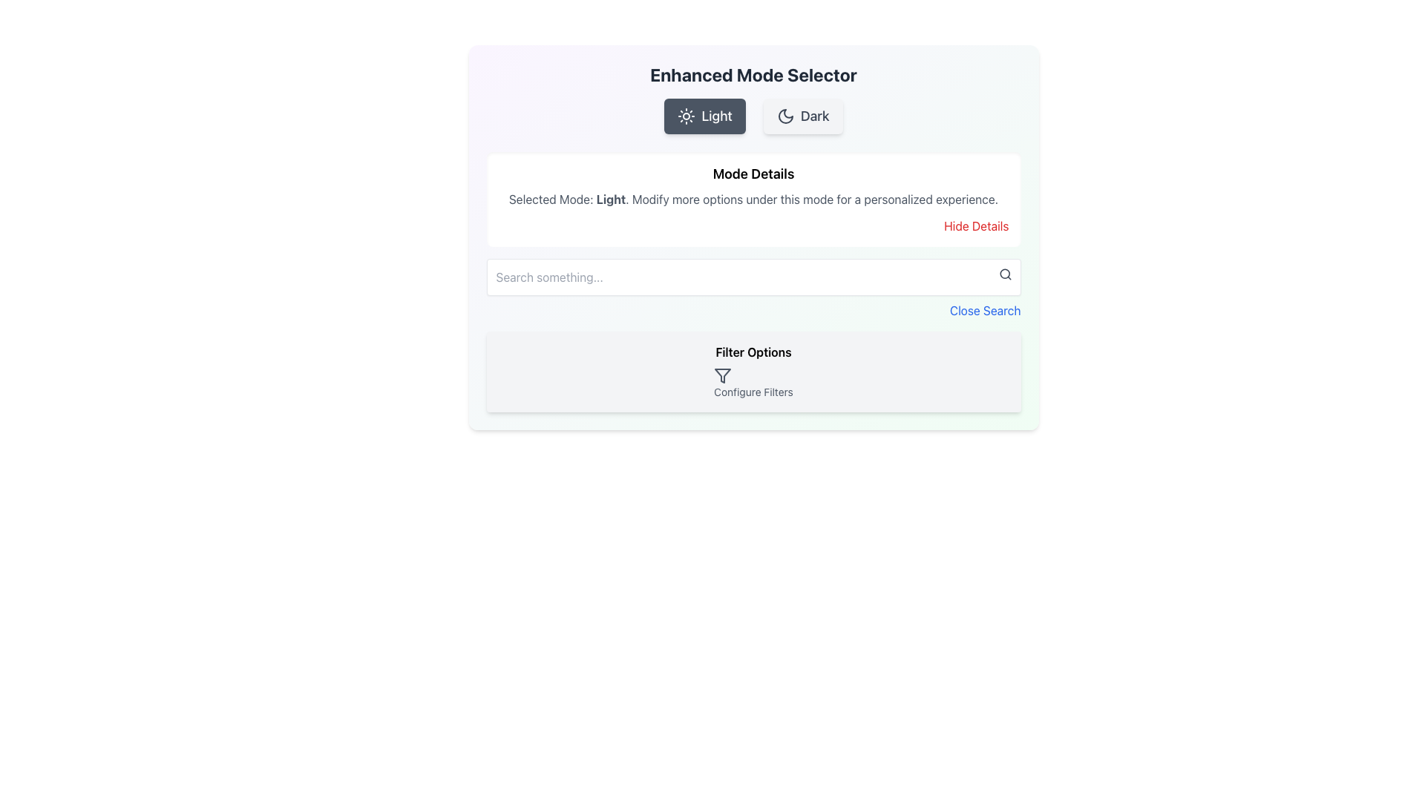 This screenshot has height=801, width=1425. What do you see at coordinates (1005, 274) in the screenshot?
I see `the magnifying glass icon located at the far right of the search bar` at bounding box center [1005, 274].